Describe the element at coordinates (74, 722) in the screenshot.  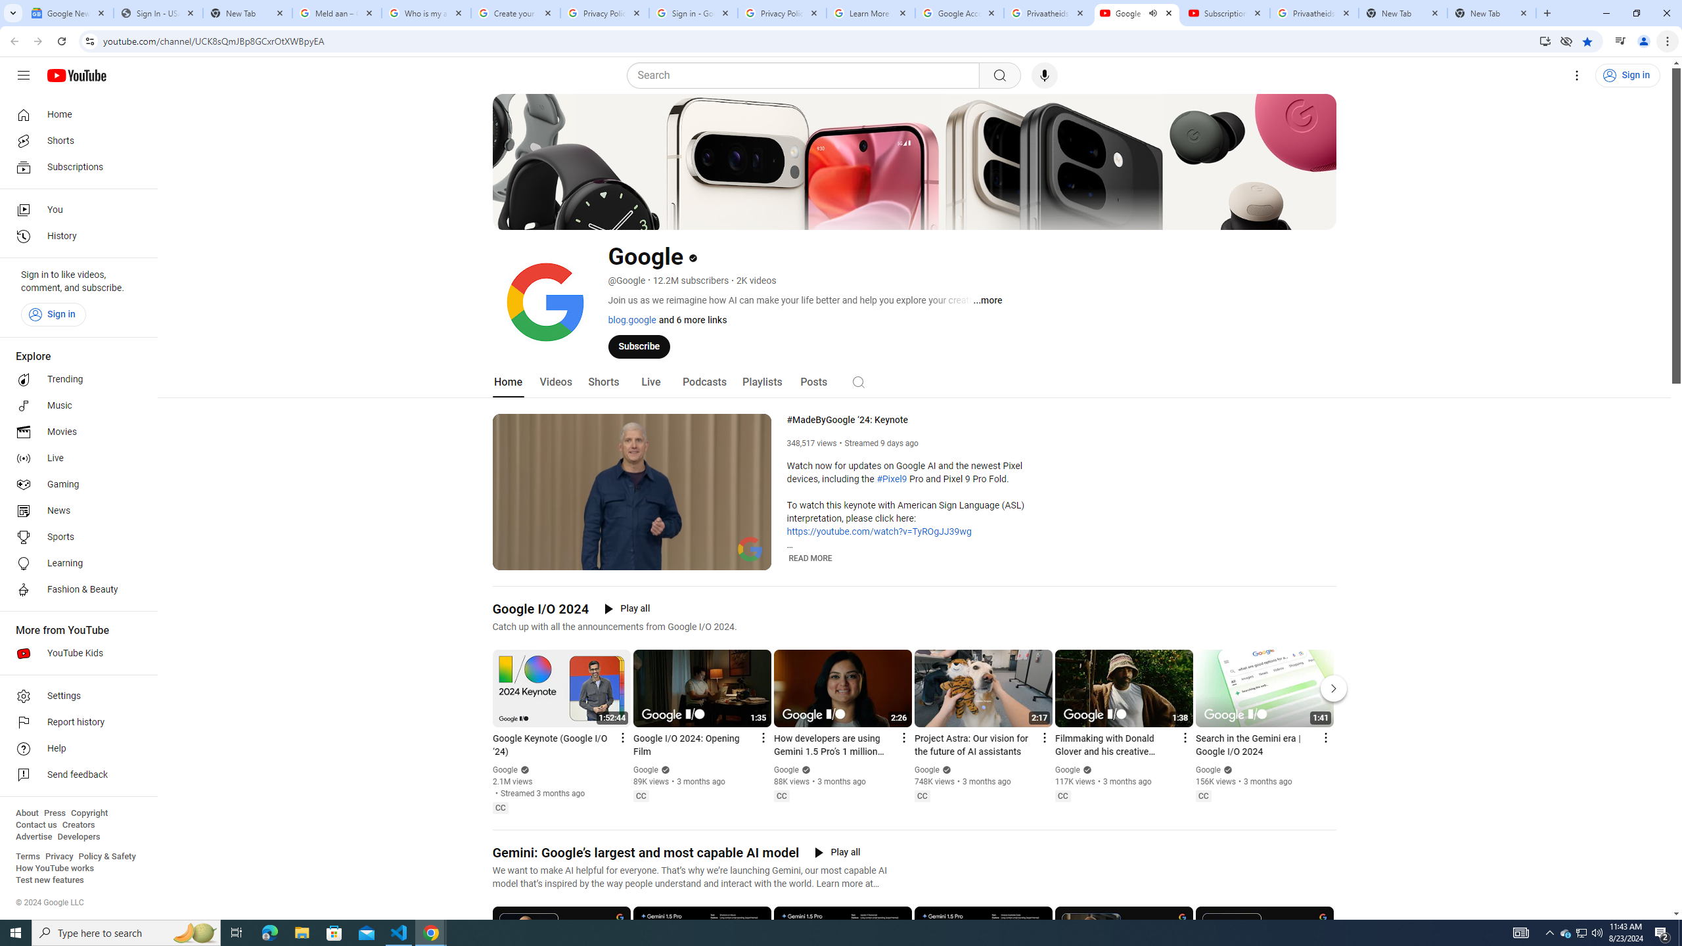
I see `'Report history'` at that location.